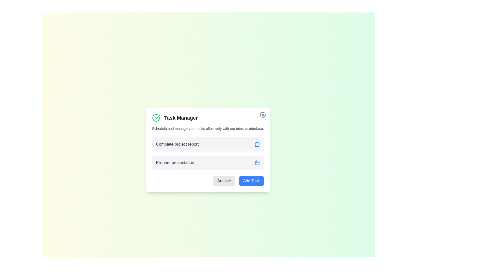 The width and height of the screenshot is (489, 275). I want to click on the close button to close the Task Manager dialog, so click(263, 115).